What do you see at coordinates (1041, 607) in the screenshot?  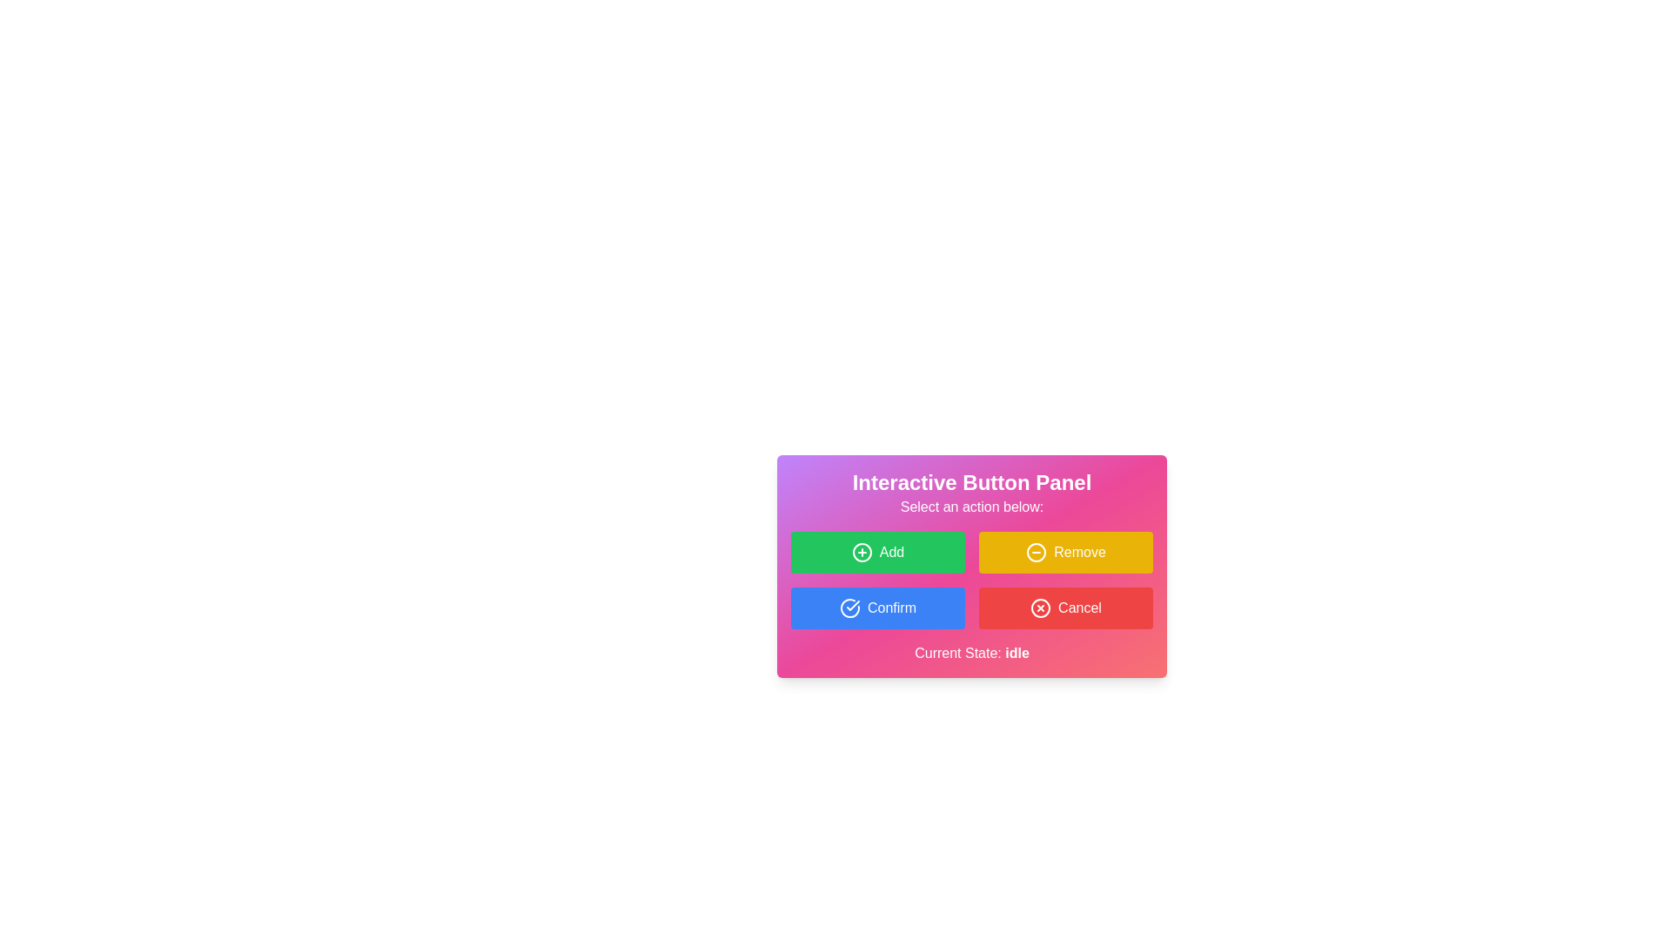 I see `the red circular icon with a white cross graphic, which is located to the left of the 'Cancel' button text in the bottom-right corner of the four-button panel` at bounding box center [1041, 607].